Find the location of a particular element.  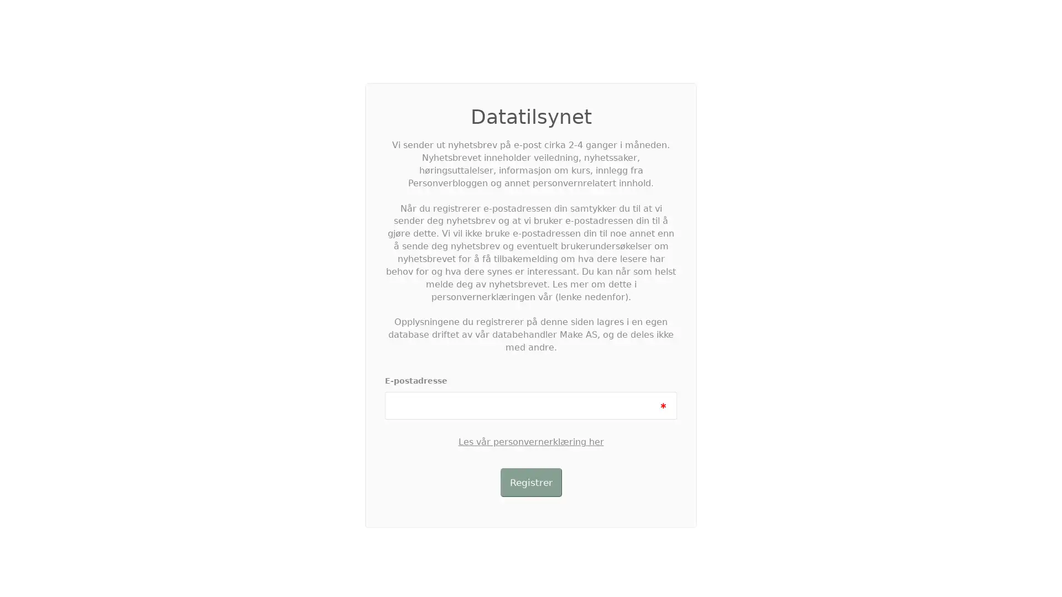

Registrer is located at coordinates (530, 481).